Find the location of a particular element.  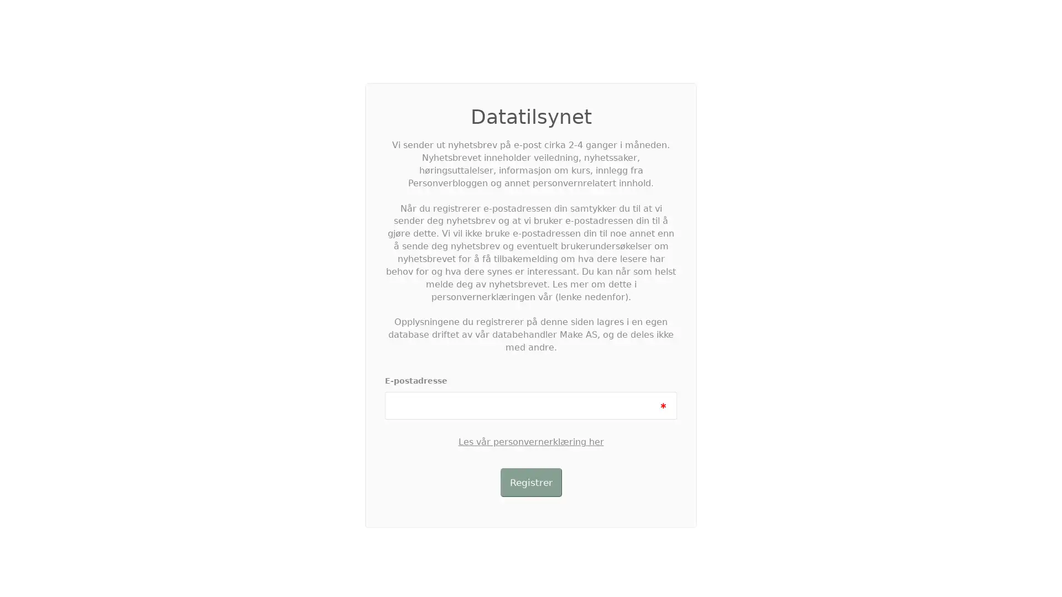

Registrer is located at coordinates (530, 481).